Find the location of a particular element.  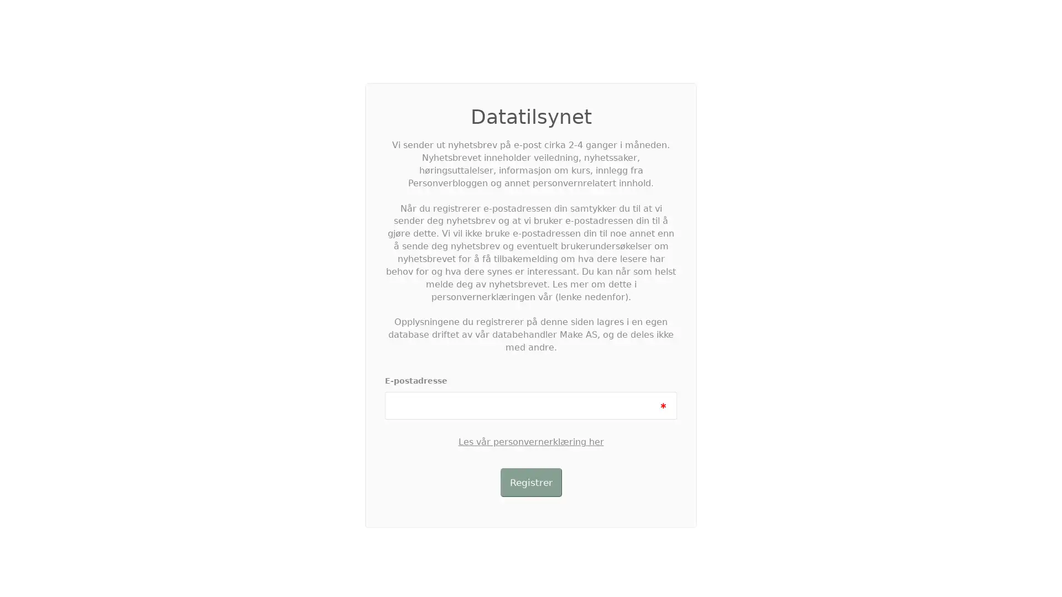

Registrer is located at coordinates (530, 481).